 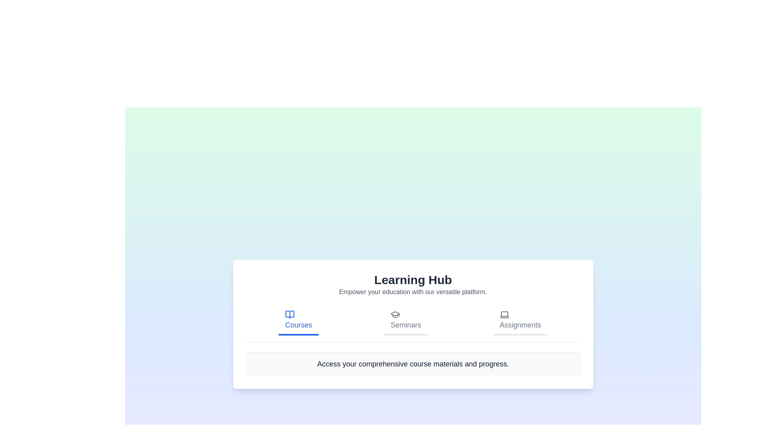 I want to click on the 'Assignments' icon located in the bottom-right area of the main content section, which visually represents tasks and coursework, so click(x=504, y=314).